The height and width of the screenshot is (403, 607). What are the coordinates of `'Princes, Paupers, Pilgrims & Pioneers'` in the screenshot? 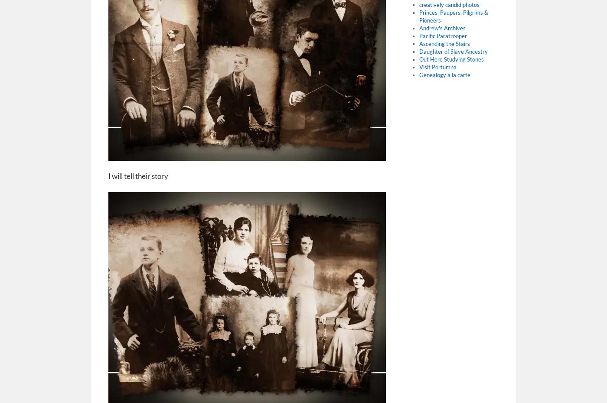 It's located at (453, 16).